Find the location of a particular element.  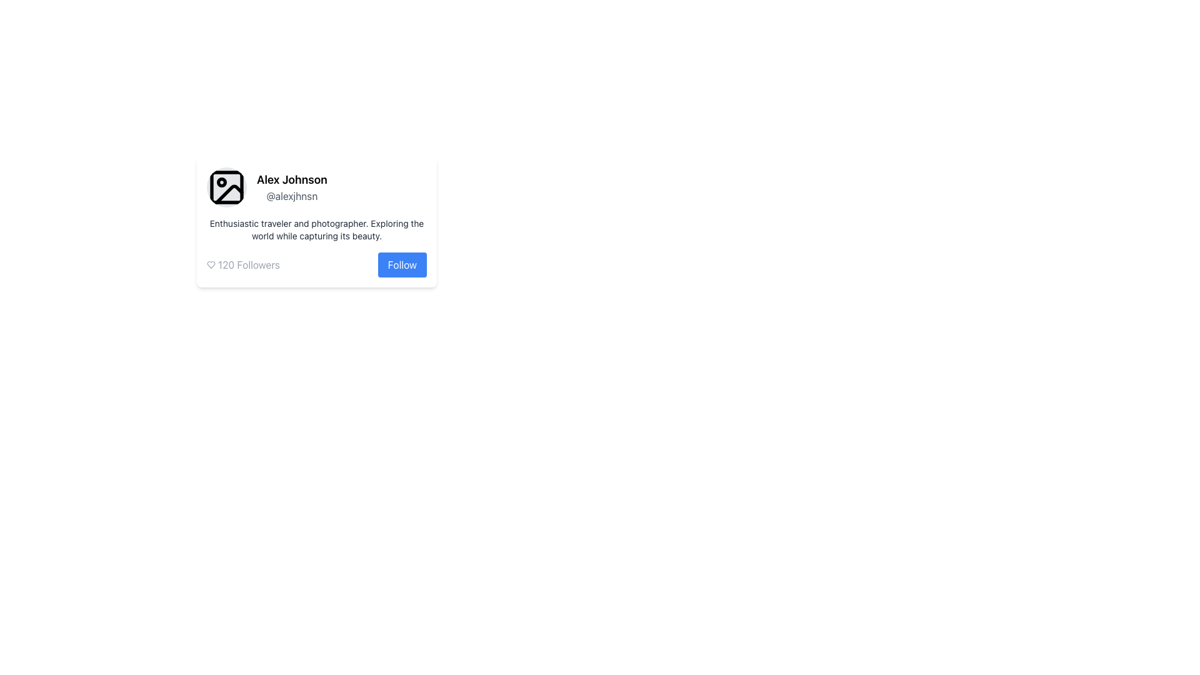

the user's name displayed at the top of the profile card for potential interactions is located at coordinates (291, 180).